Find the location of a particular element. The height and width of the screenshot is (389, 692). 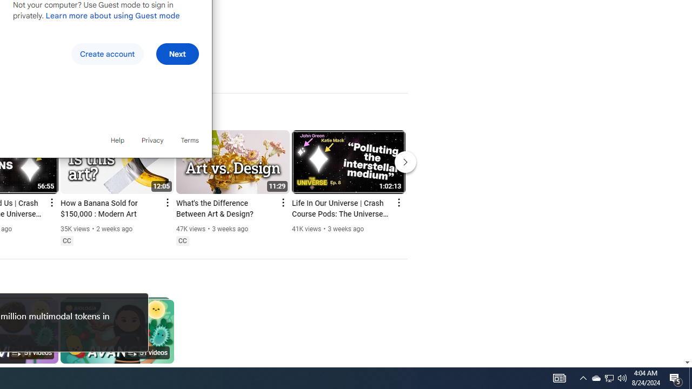

'Learn more about using Guest mode' is located at coordinates (112, 15).